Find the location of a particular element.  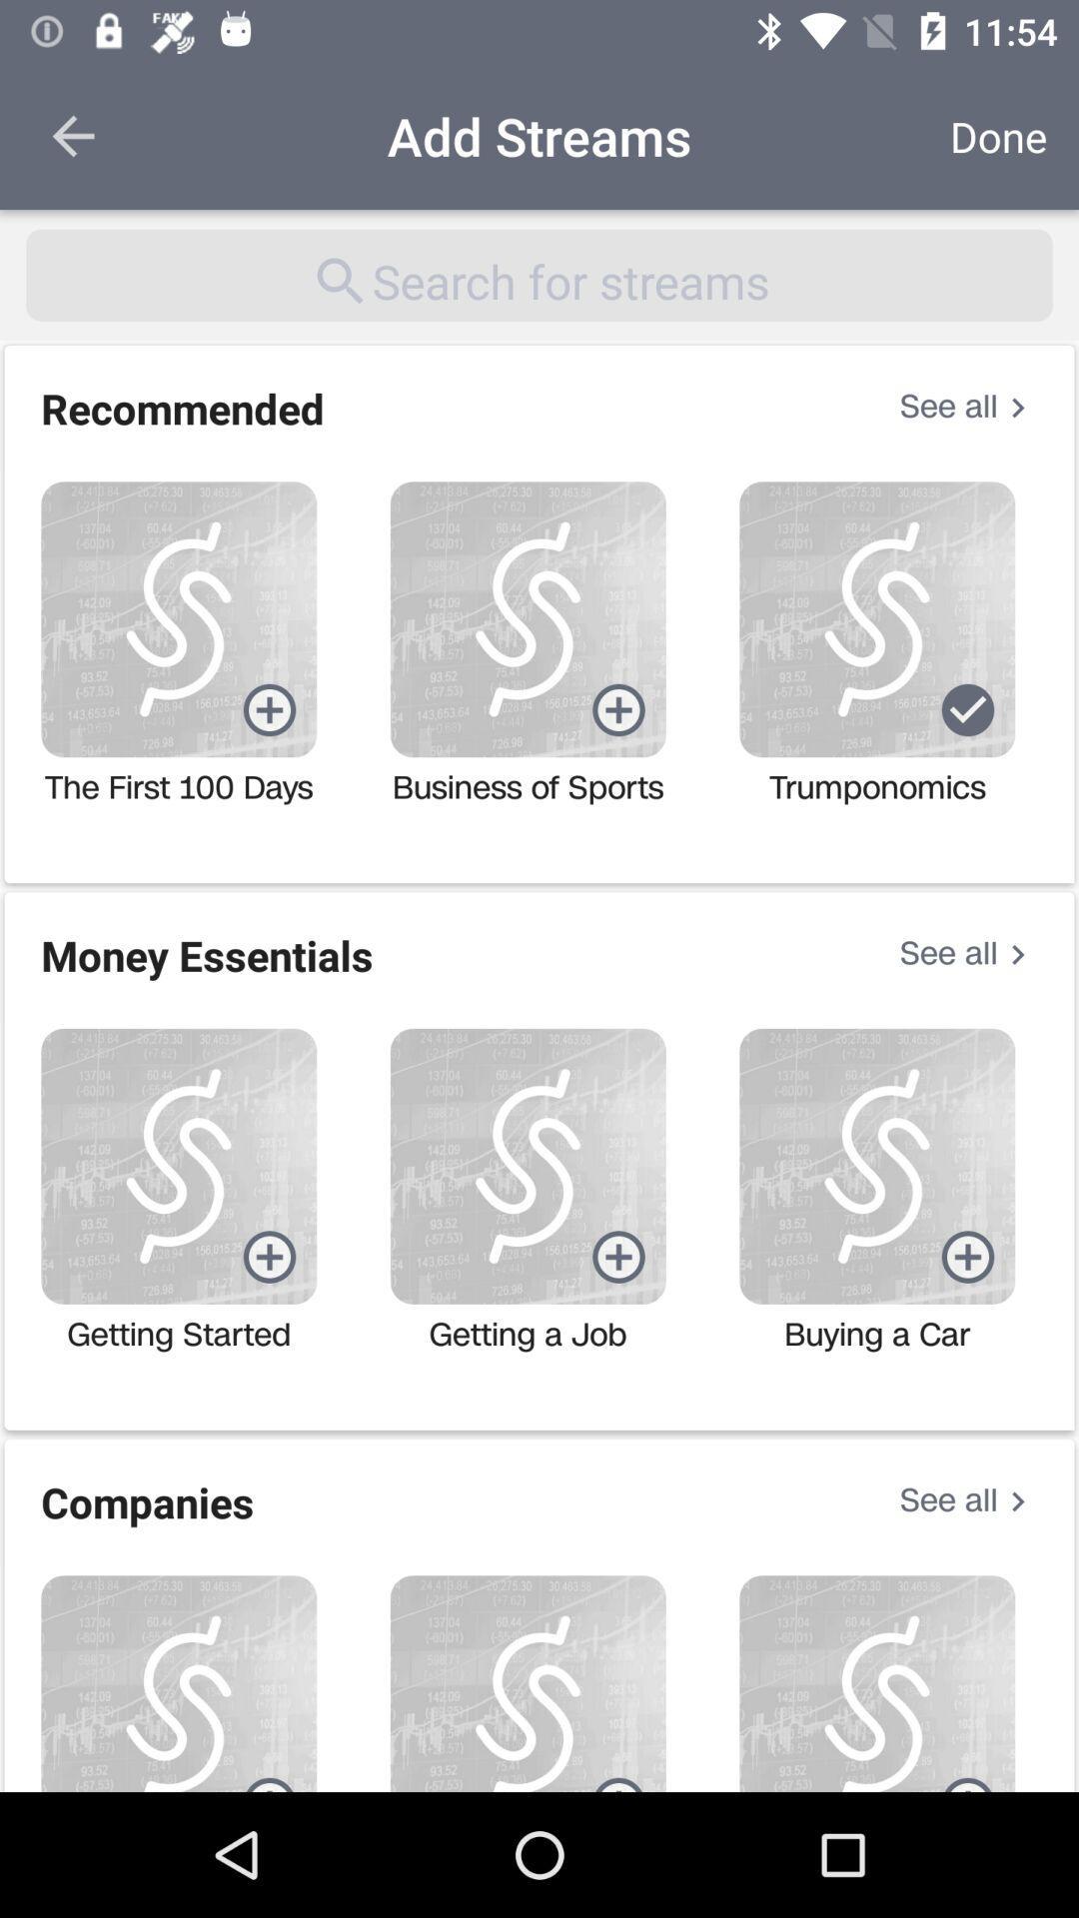

the item to the left of the add streams is located at coordinates (72, 135).